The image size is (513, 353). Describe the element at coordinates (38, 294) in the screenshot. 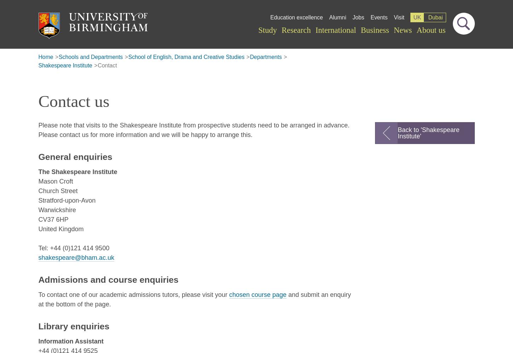

I see `'To contact one of our academic admissions tutors, please visit your'` at that location.